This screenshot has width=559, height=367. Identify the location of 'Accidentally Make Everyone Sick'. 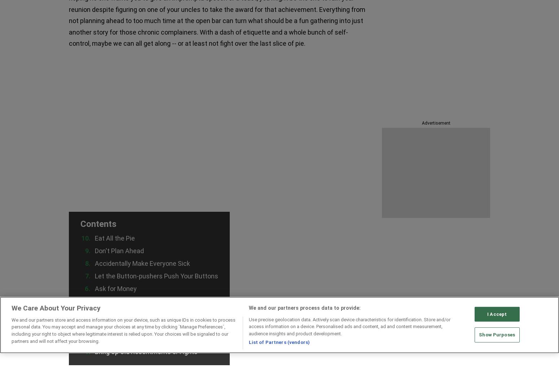
(142, 263).